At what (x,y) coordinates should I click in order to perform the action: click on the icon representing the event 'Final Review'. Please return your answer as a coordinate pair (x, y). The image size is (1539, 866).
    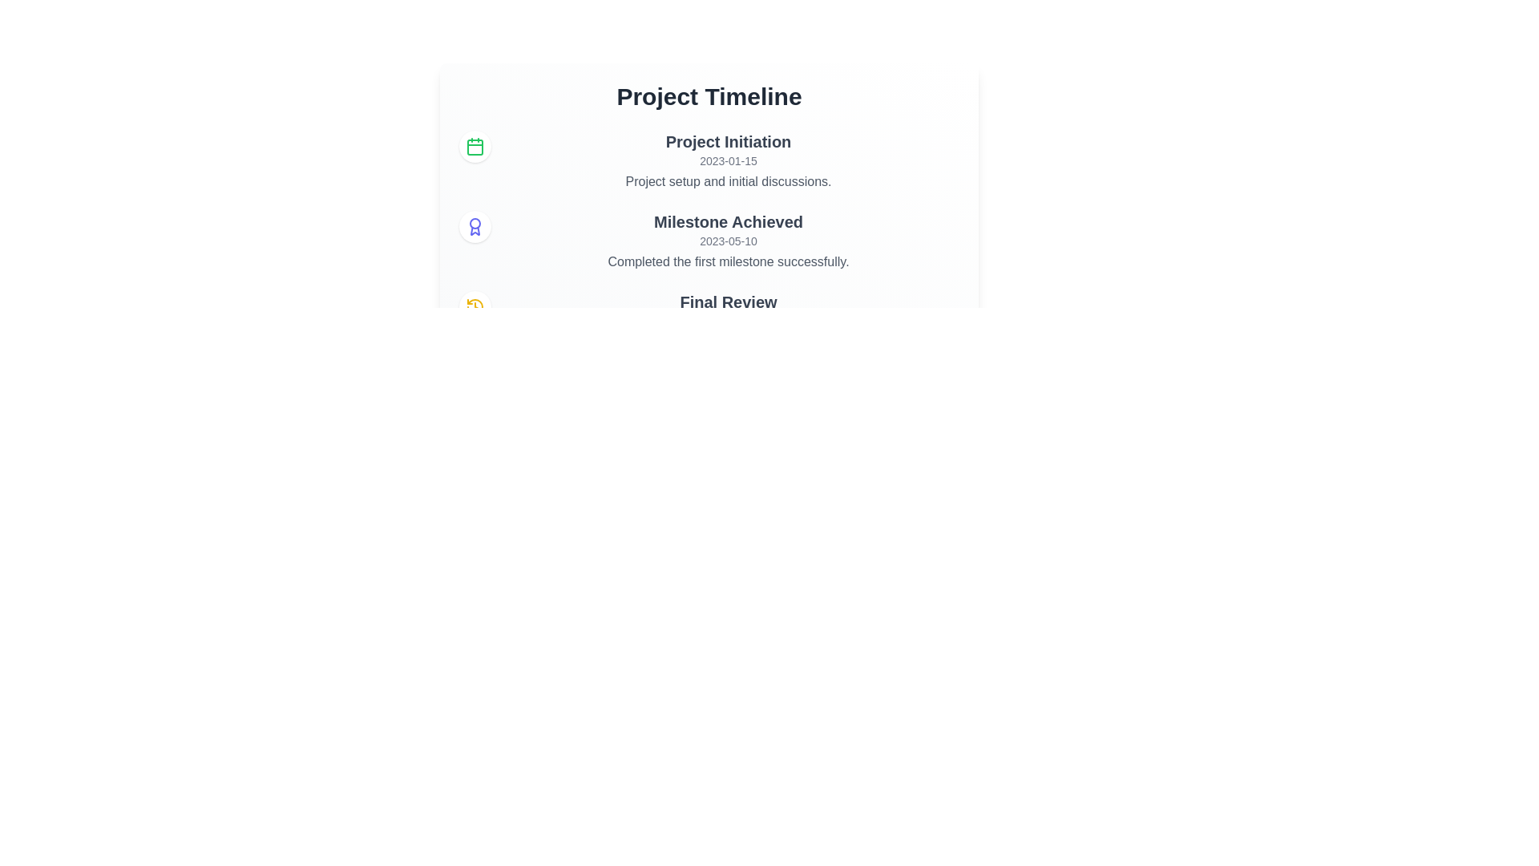
    Looking at the image, I should click on (475, 306).